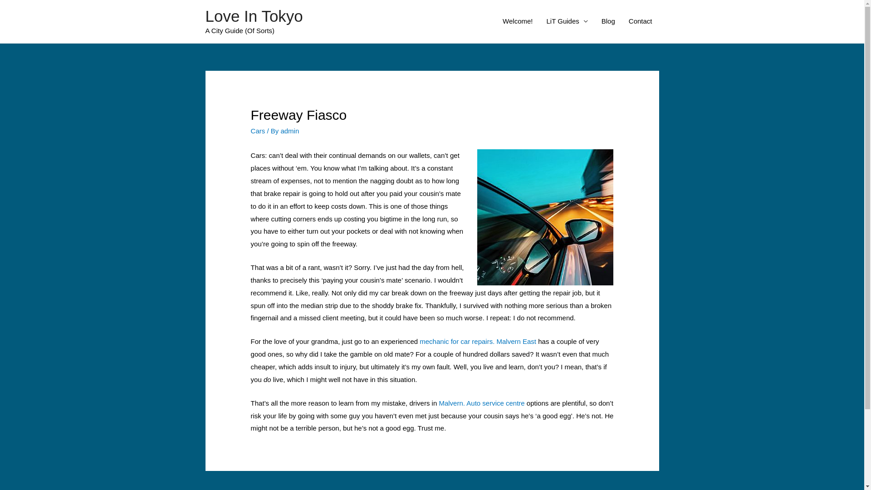  I want to click on 'admin', so click(289, 131).